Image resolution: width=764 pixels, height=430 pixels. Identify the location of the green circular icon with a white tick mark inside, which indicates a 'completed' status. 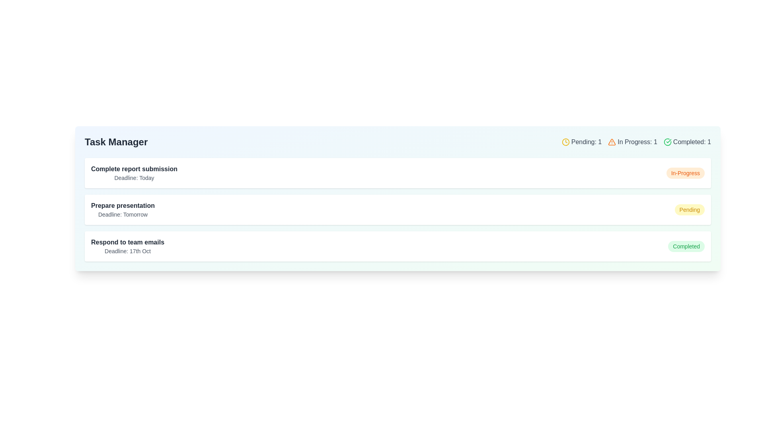
(667, 142).